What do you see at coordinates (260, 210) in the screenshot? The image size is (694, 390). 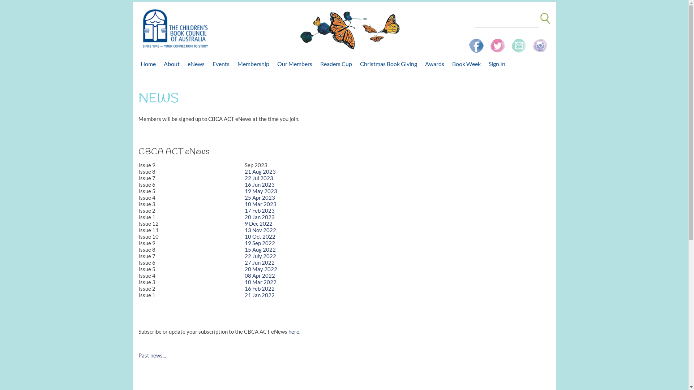 I see `'17 Feb 2023'` at bounding box center [260, 210].